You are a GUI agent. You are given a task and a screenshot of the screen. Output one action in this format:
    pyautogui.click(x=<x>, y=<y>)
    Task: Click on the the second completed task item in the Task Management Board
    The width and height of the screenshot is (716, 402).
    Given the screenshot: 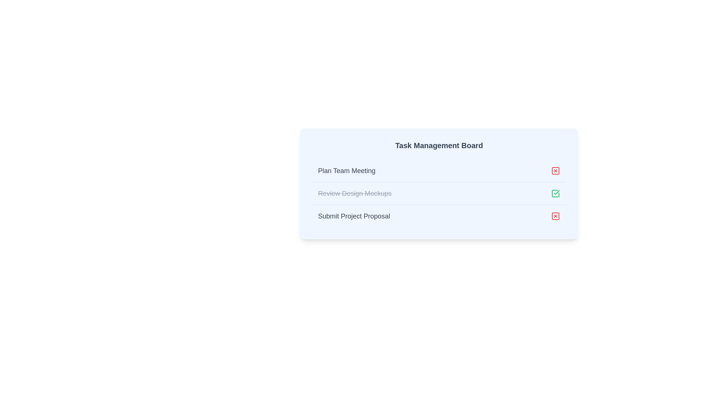 What is the action you would take?
    pyautogui.click(x=439, y=193)
    